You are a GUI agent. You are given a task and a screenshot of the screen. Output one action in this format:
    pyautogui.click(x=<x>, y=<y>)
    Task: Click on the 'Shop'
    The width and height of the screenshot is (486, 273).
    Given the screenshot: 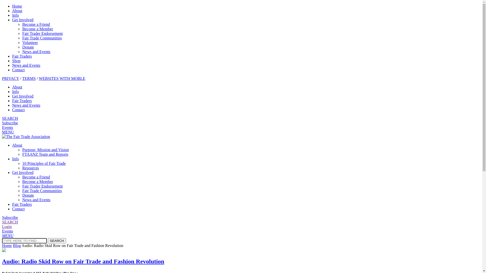 What is the action you would take?
    pyautogui.click(x=16, y=60)
    